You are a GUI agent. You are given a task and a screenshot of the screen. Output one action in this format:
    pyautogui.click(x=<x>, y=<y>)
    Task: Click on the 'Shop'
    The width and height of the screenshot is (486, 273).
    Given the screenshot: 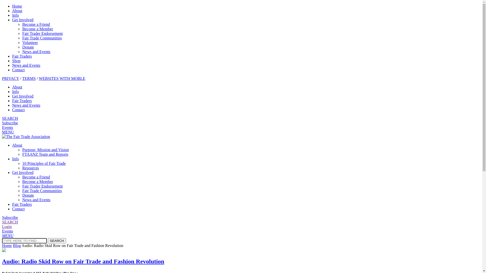 What is the action you would take?
    pyautogui.click(x=16, y=60)
    